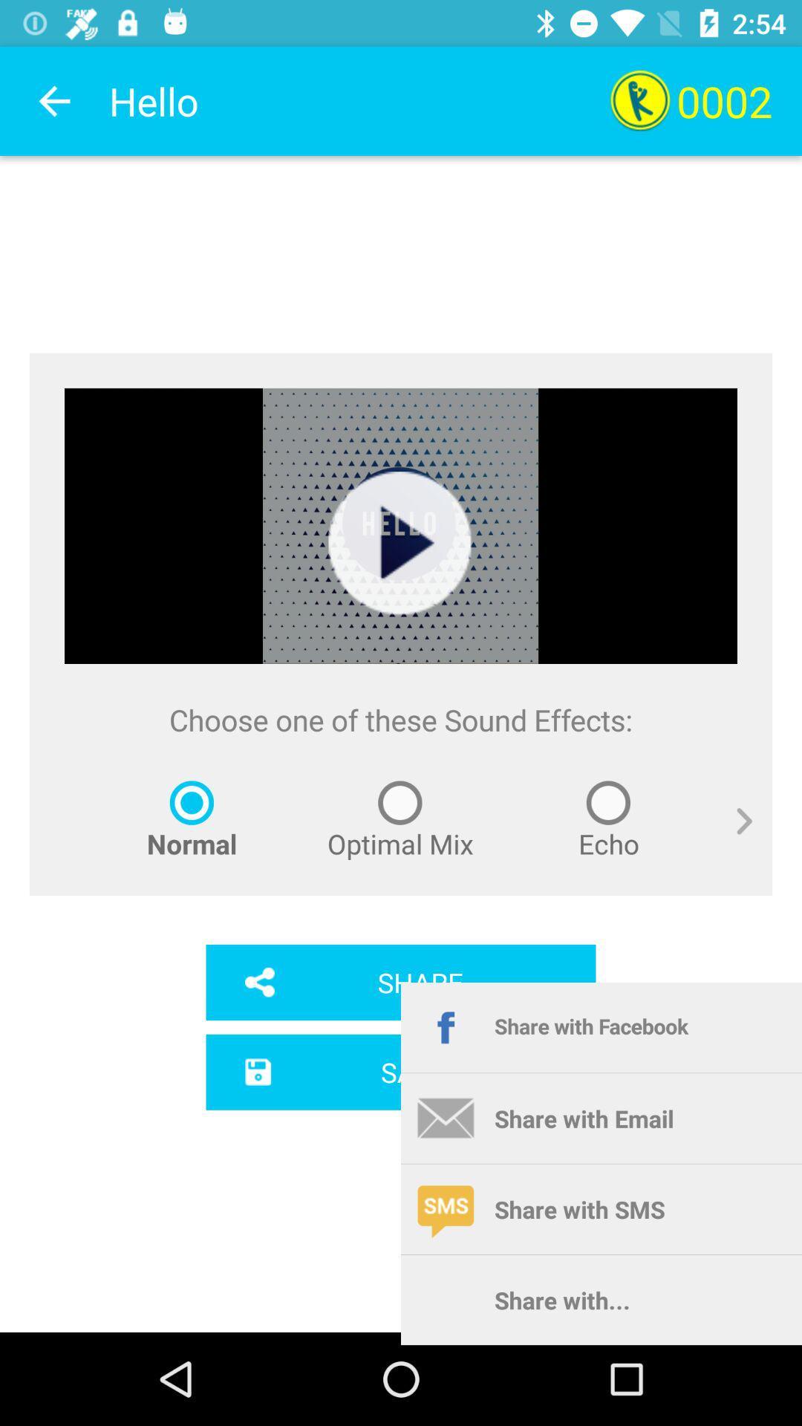 The image size is (802, 1426). Describe the element at coordinates (401, 1072) in the screenshot. I see `the save` at that location.